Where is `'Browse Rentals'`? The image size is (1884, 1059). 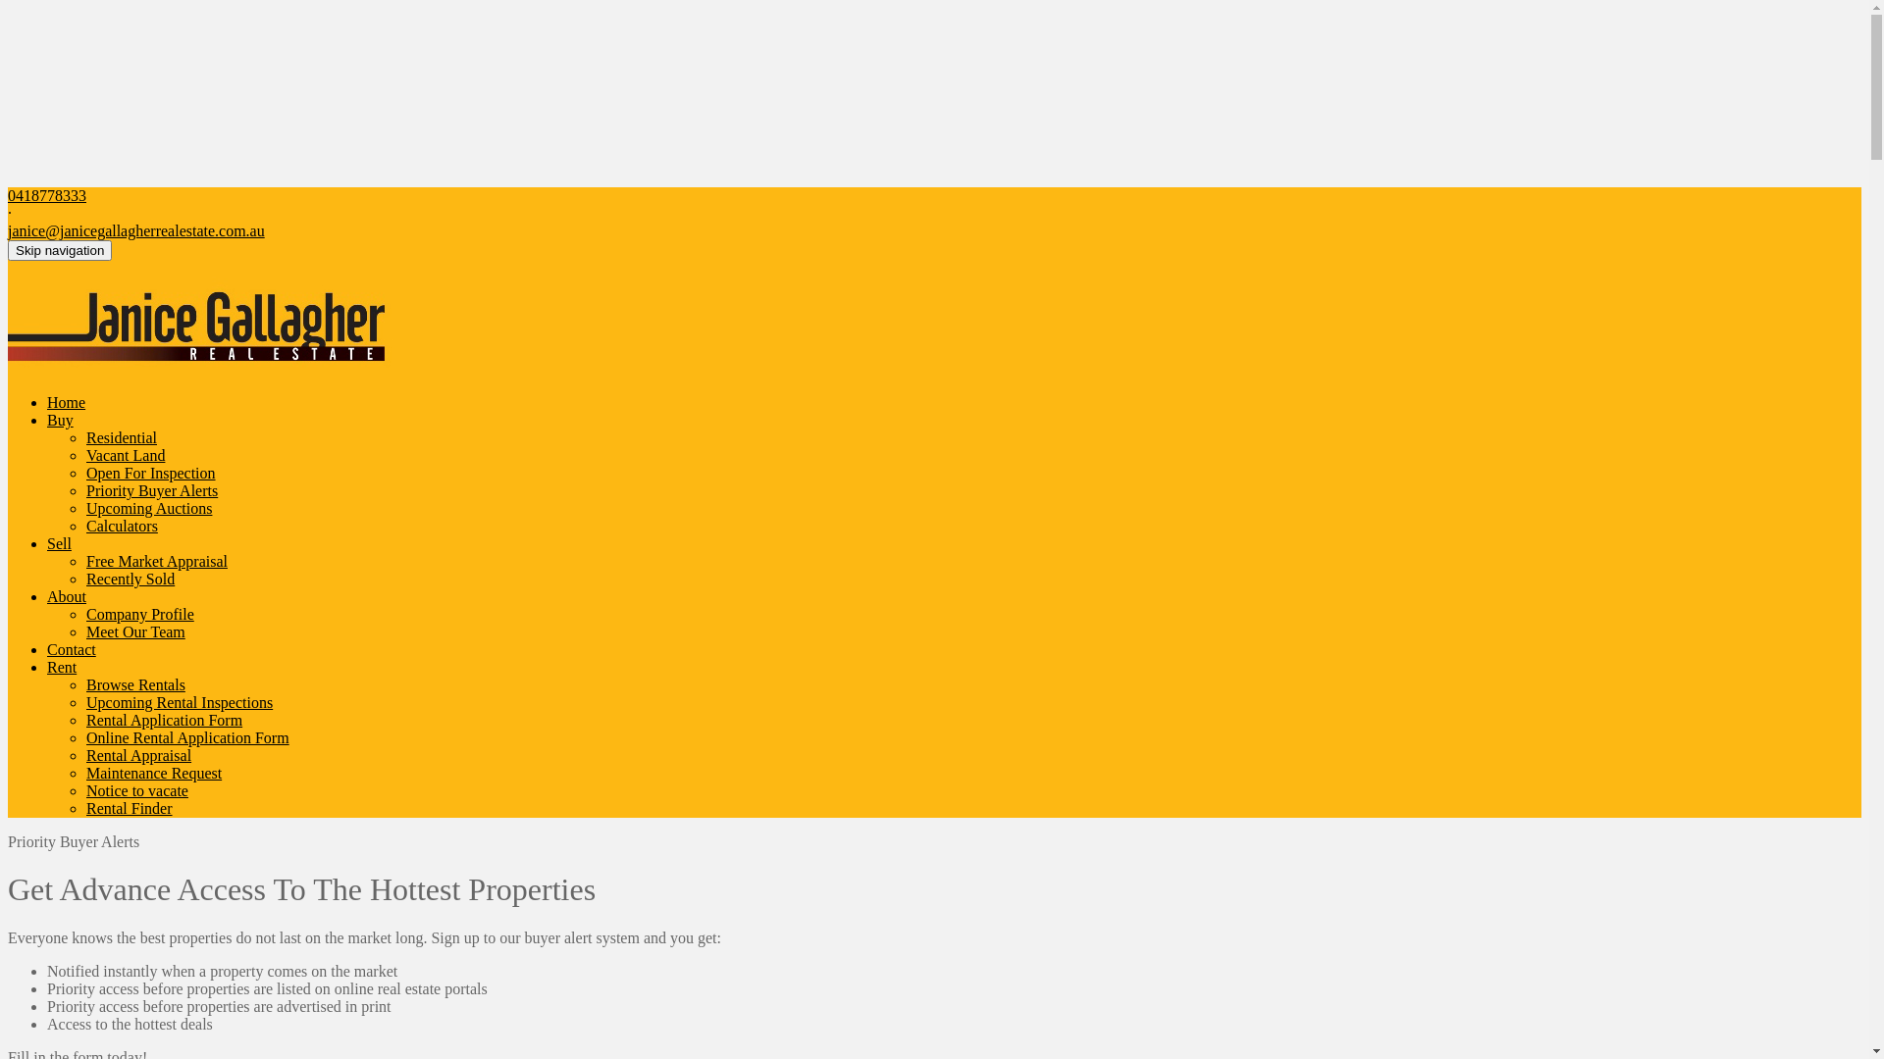 'Browse Rentals' is located at coordinates (84, 683).